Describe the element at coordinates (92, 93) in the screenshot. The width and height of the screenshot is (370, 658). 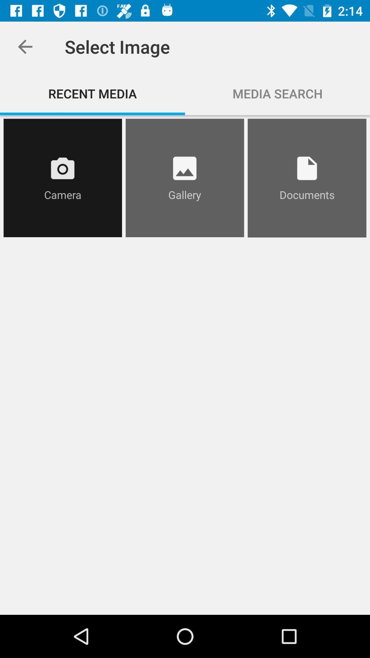
I see `item to the left of the media search` at that location.